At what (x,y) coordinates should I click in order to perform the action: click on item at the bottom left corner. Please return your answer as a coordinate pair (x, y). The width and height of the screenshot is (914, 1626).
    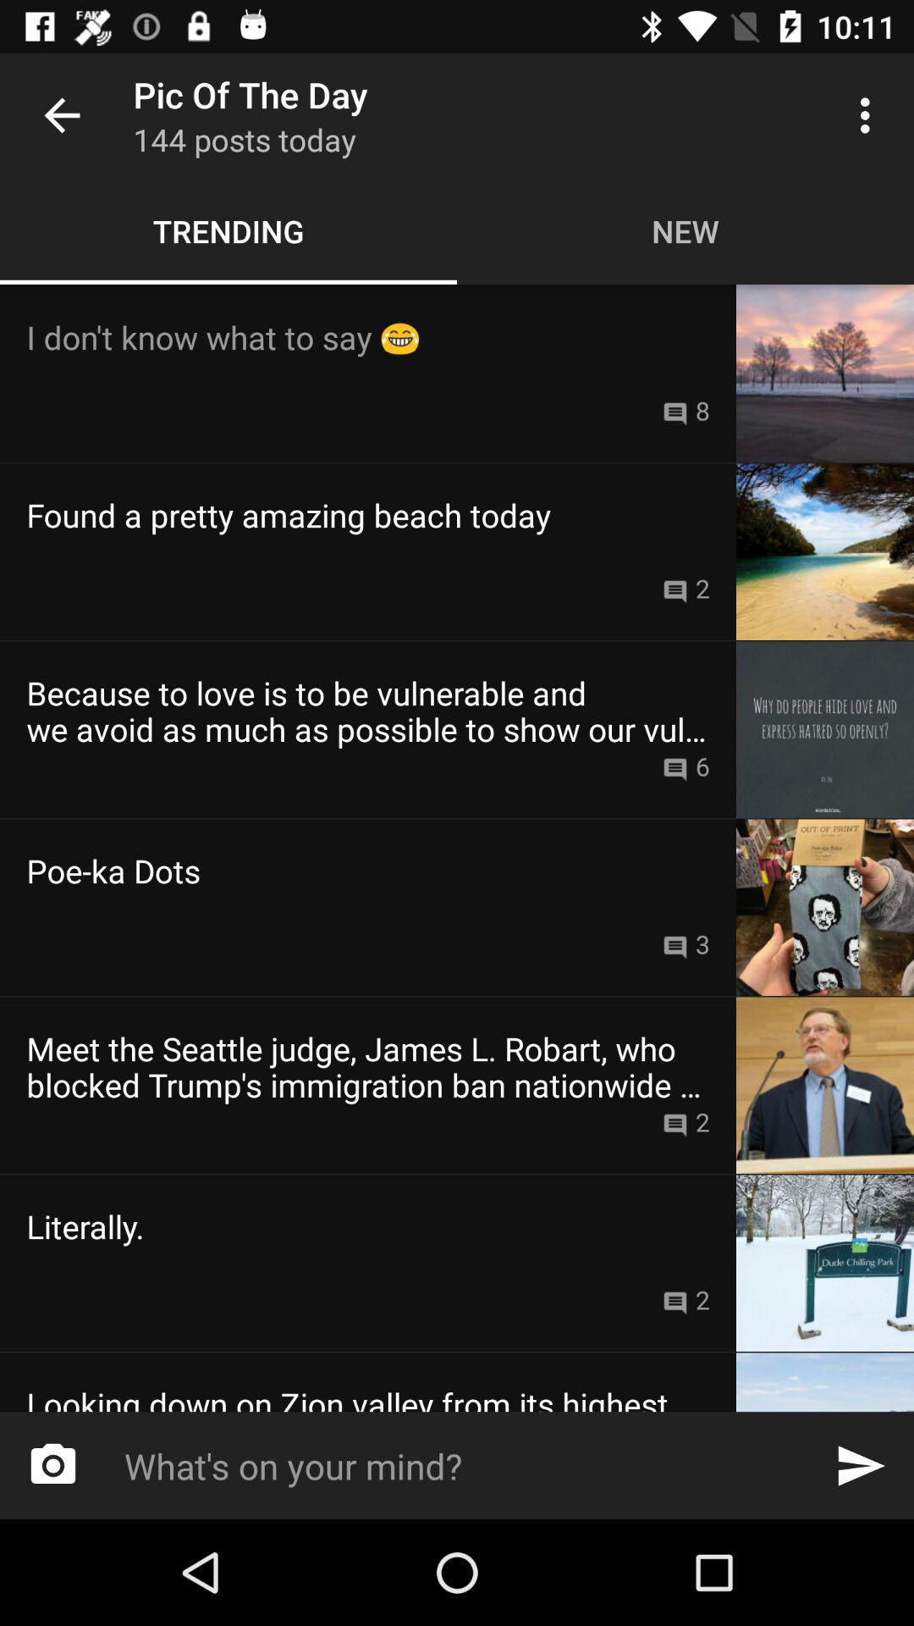
    Looking at the image, I should click on (52, 1465).